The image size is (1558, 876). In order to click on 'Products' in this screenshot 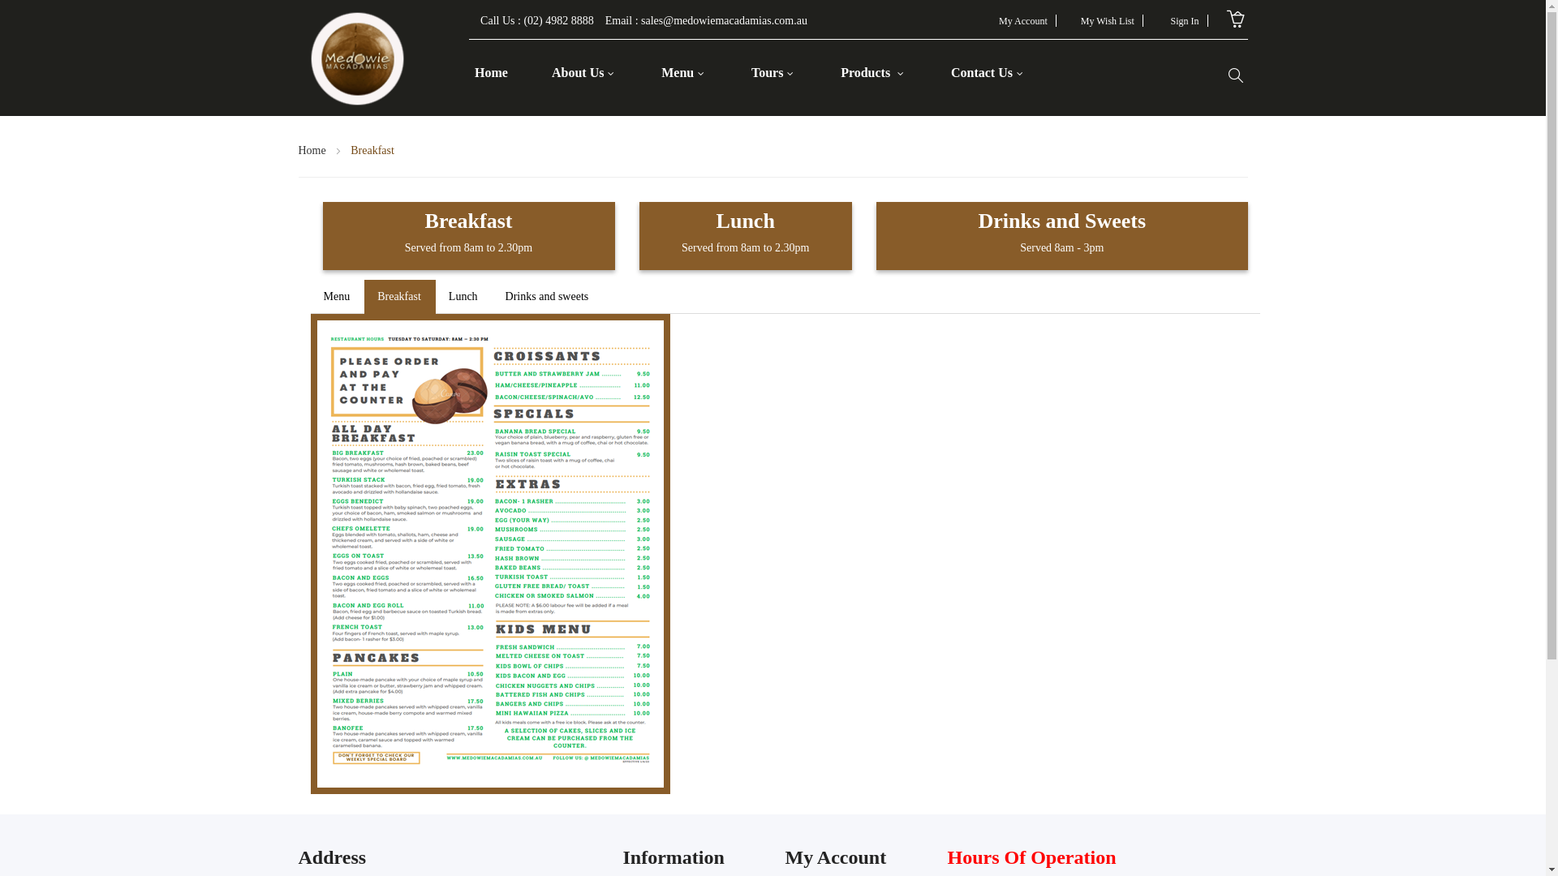, I will do `click(872, 71)`.